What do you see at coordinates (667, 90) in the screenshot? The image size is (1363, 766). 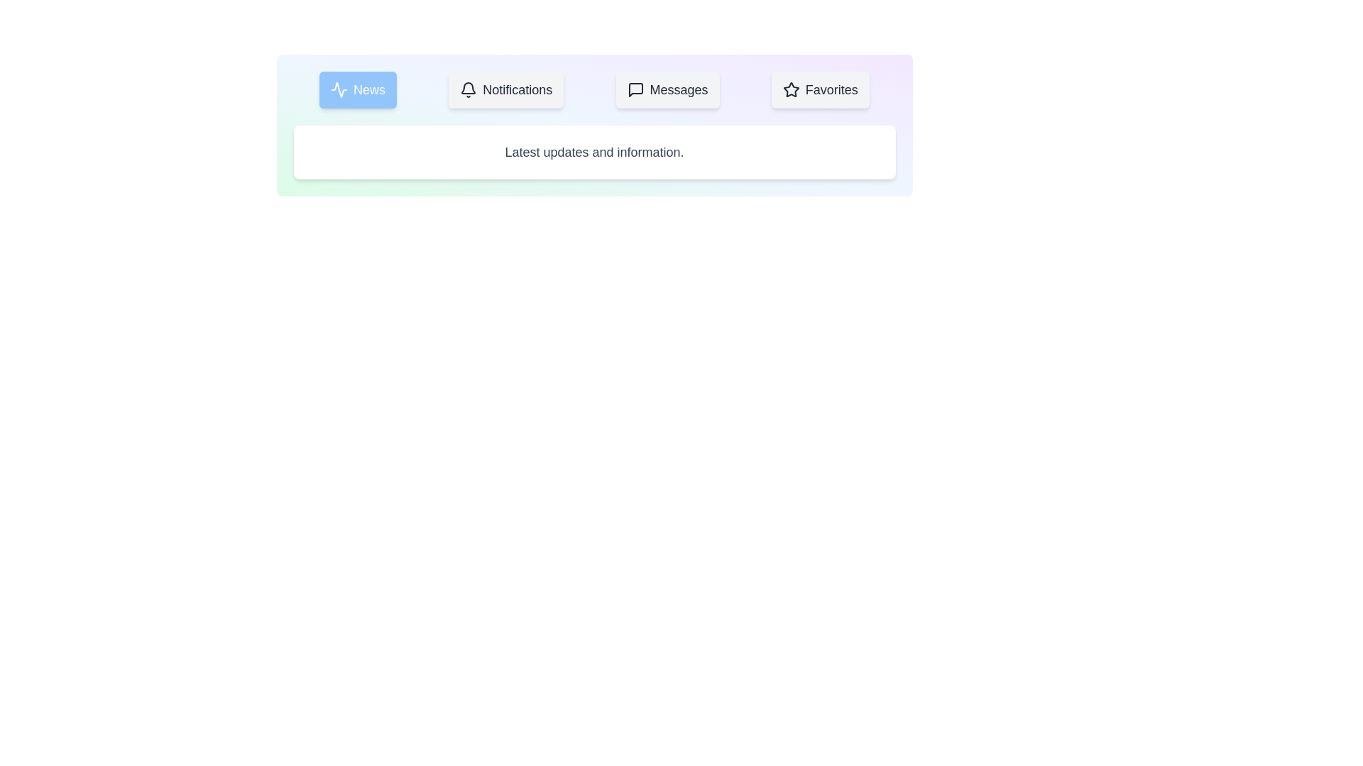 I see `the tab with the label Messages` at bounding box center [667, 90].